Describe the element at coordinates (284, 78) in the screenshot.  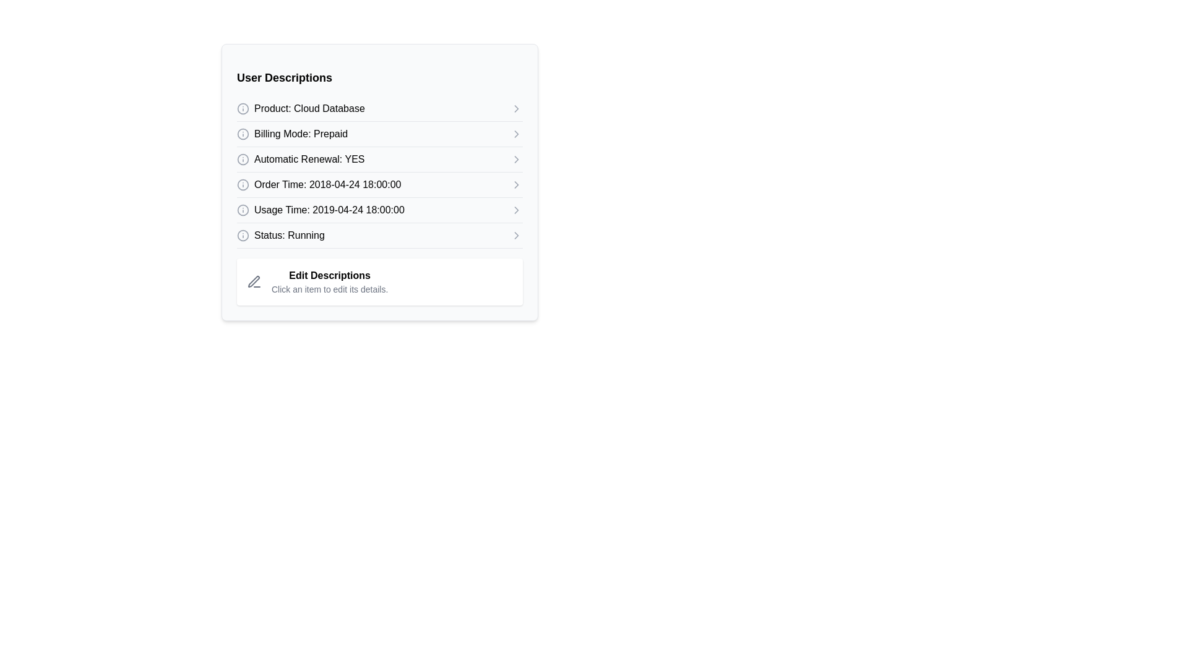
I see `the static text element displaying the bold heading 'User Descriptions', which is positioned at the top of a card-like section` at that location.